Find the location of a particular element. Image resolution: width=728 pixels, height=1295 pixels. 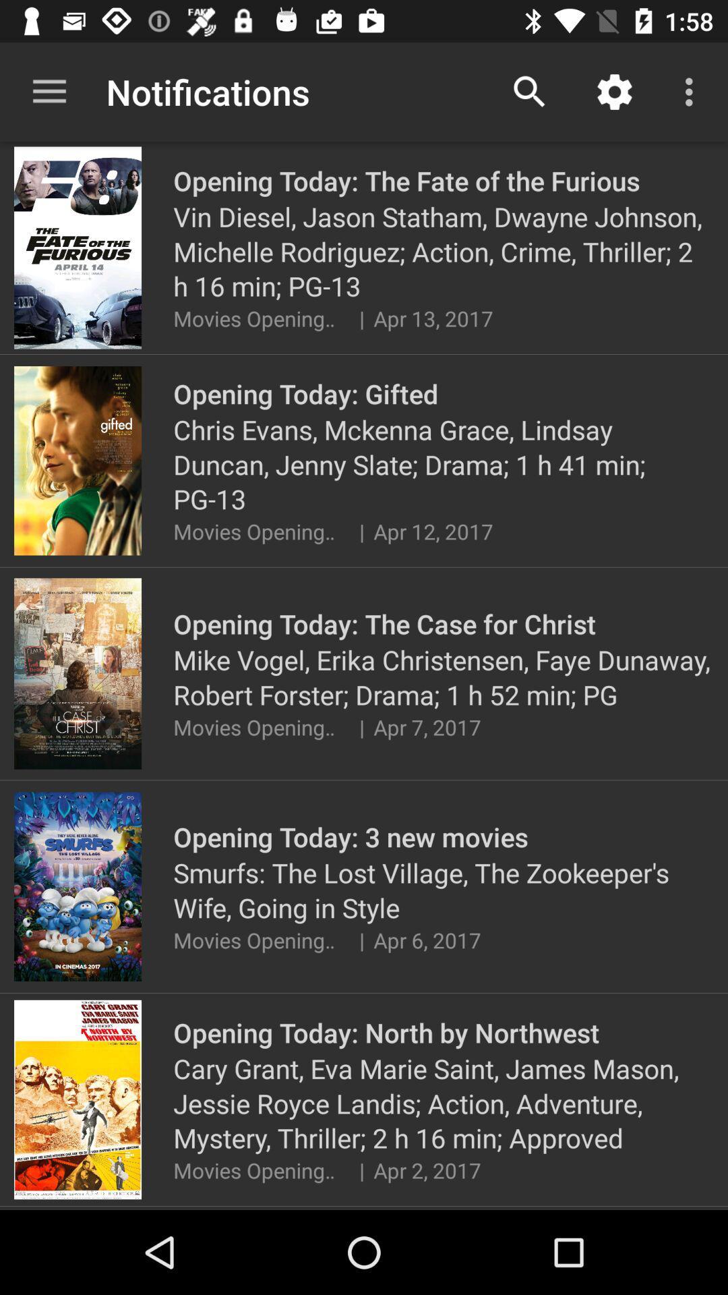

item to the right of movies opening today icon is located at coordinates (361, 939).